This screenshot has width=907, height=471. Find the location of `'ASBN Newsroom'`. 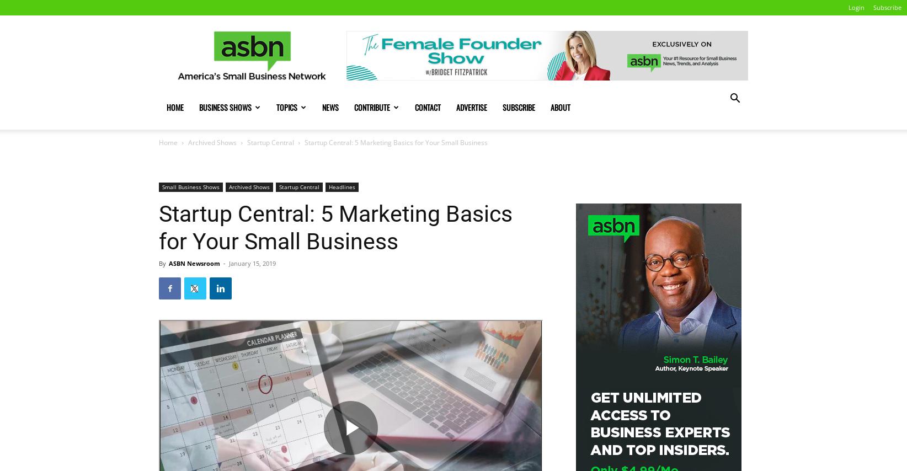

'ASBN Newsroom' is located at coordinates (194, 263).